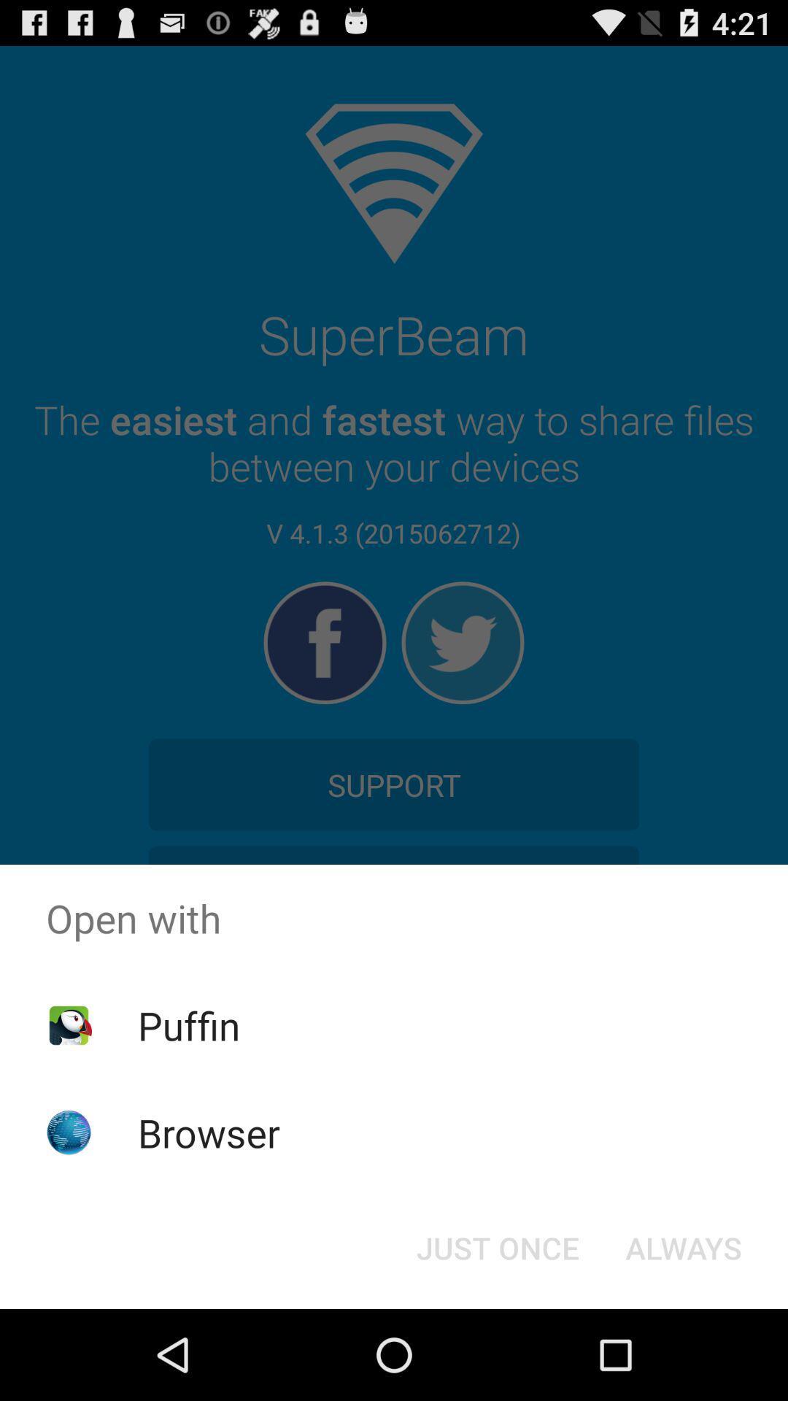 This screenshot has height=1401, width=788. Describe the element at coordinates (684, 1246) in the screenshot. I see `the always` at that location.